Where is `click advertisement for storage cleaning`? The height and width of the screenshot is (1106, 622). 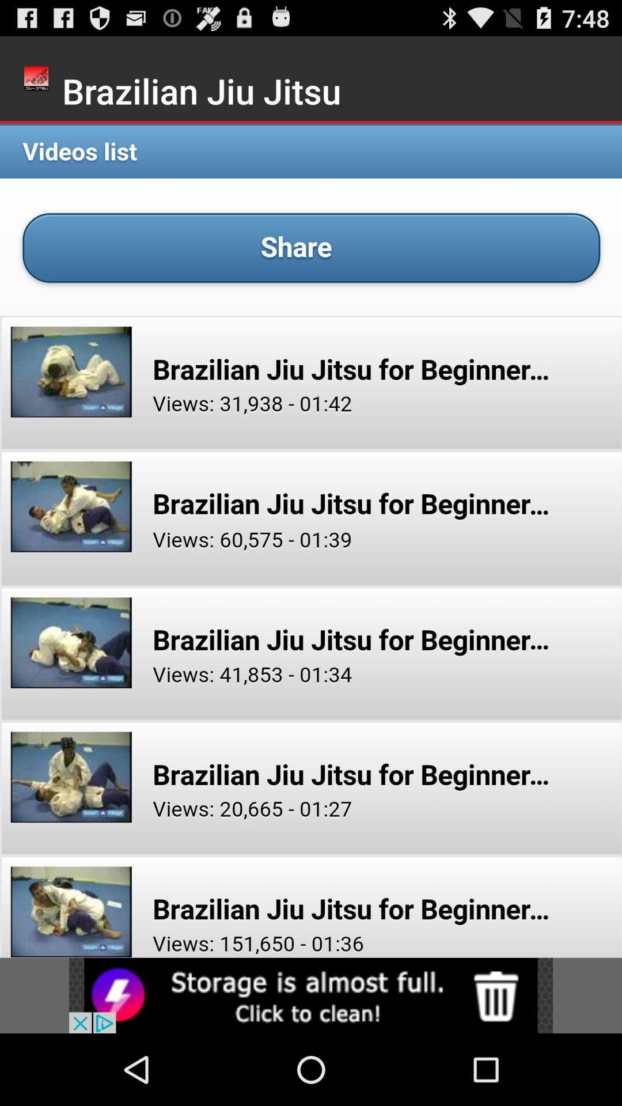 click advertisement for storage cleaning is located at coordinates (311, 995).